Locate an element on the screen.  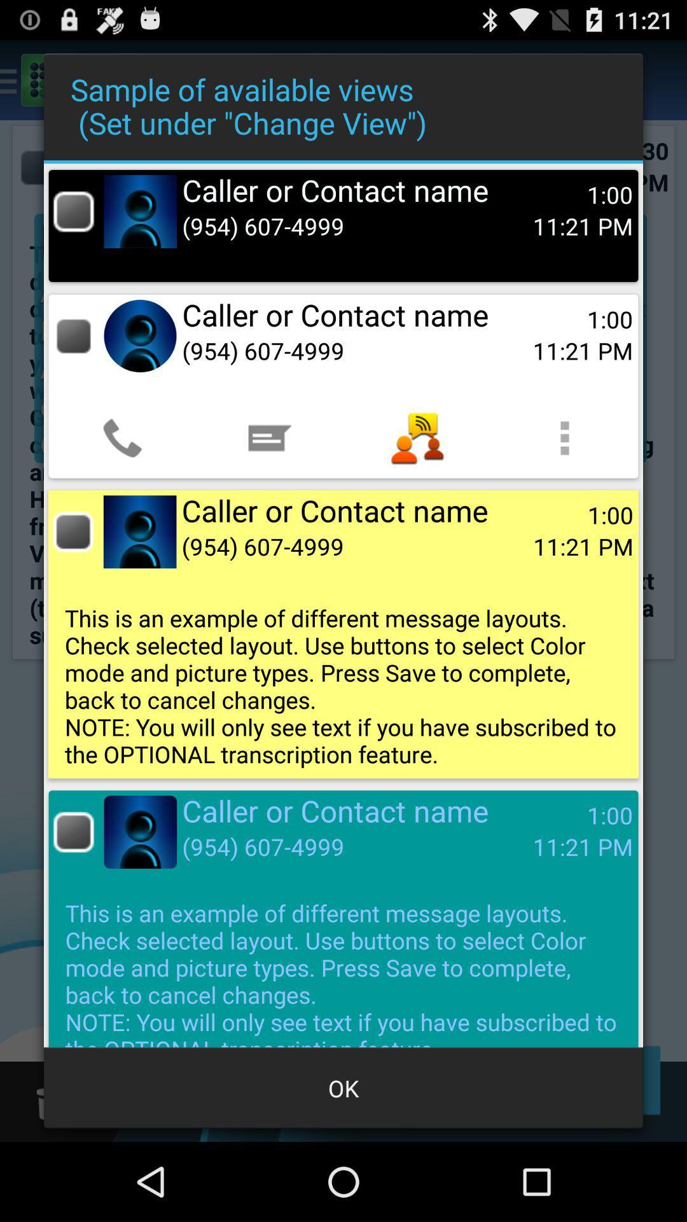
the icon above the caller or contact app is located at coordinates (269, 438).